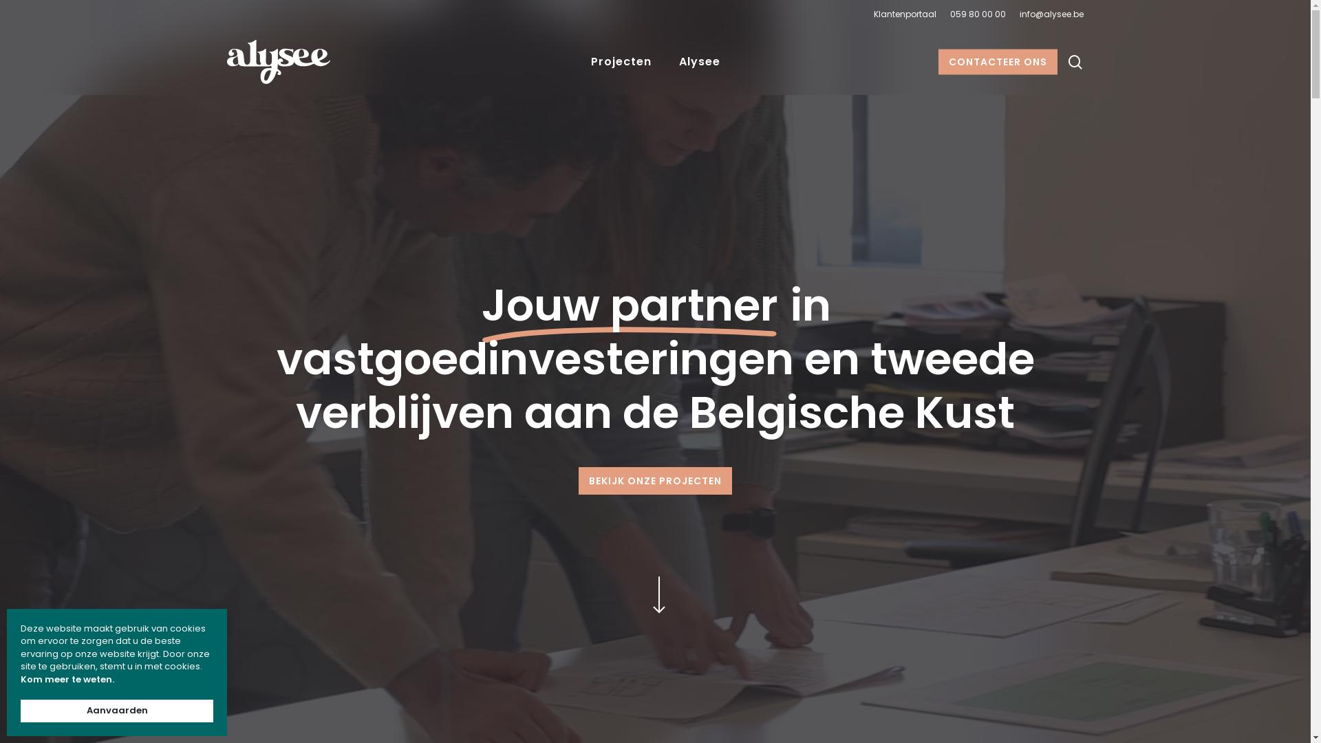  I want to click on 'Alysee', so click(664, 61).